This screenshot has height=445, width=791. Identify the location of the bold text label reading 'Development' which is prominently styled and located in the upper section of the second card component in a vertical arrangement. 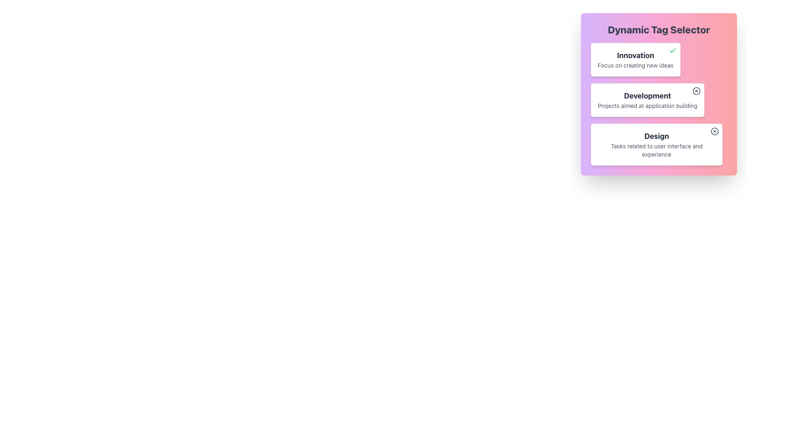
(647, 95).